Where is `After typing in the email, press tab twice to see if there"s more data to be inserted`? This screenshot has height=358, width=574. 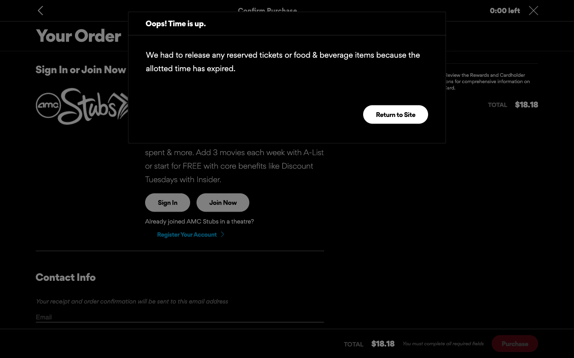
After typing in the email, press tab twice to see if there"s more data to be inserted is located at coordinates (180, 317).